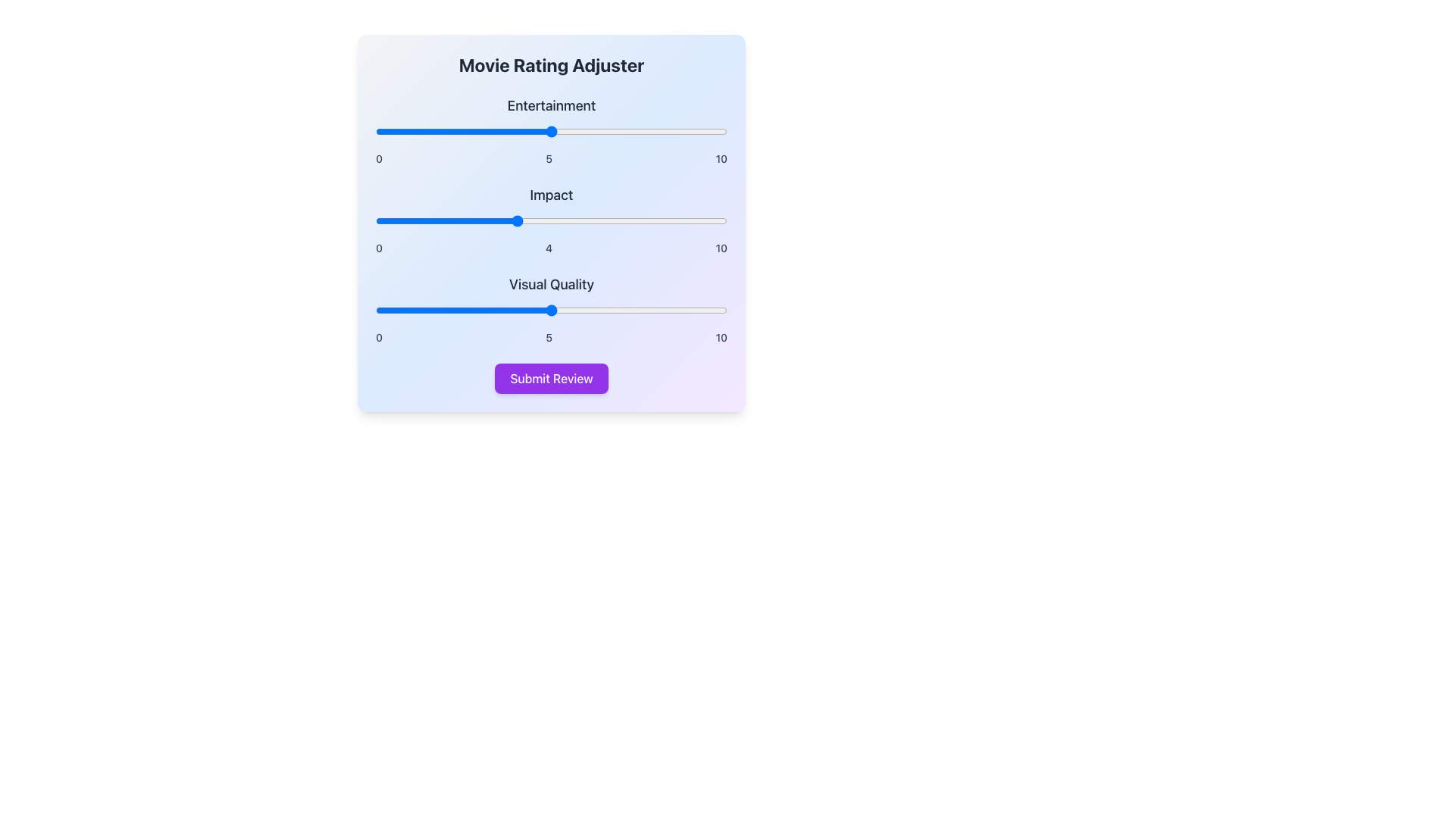 This screenshot has height=818, width=1455. Describe the element at coordinates (480, 309) in the screenshot. I see `Visual Quality` at that location.